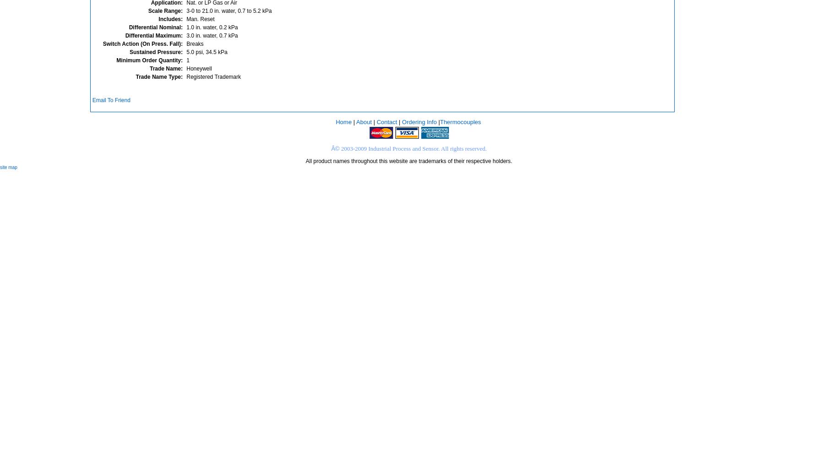 The height and width of the screenshot is (458, 818). Describe the element at coordinates (159, 76) in the screenshot. I see `'Trade Name Type:'` at that location.